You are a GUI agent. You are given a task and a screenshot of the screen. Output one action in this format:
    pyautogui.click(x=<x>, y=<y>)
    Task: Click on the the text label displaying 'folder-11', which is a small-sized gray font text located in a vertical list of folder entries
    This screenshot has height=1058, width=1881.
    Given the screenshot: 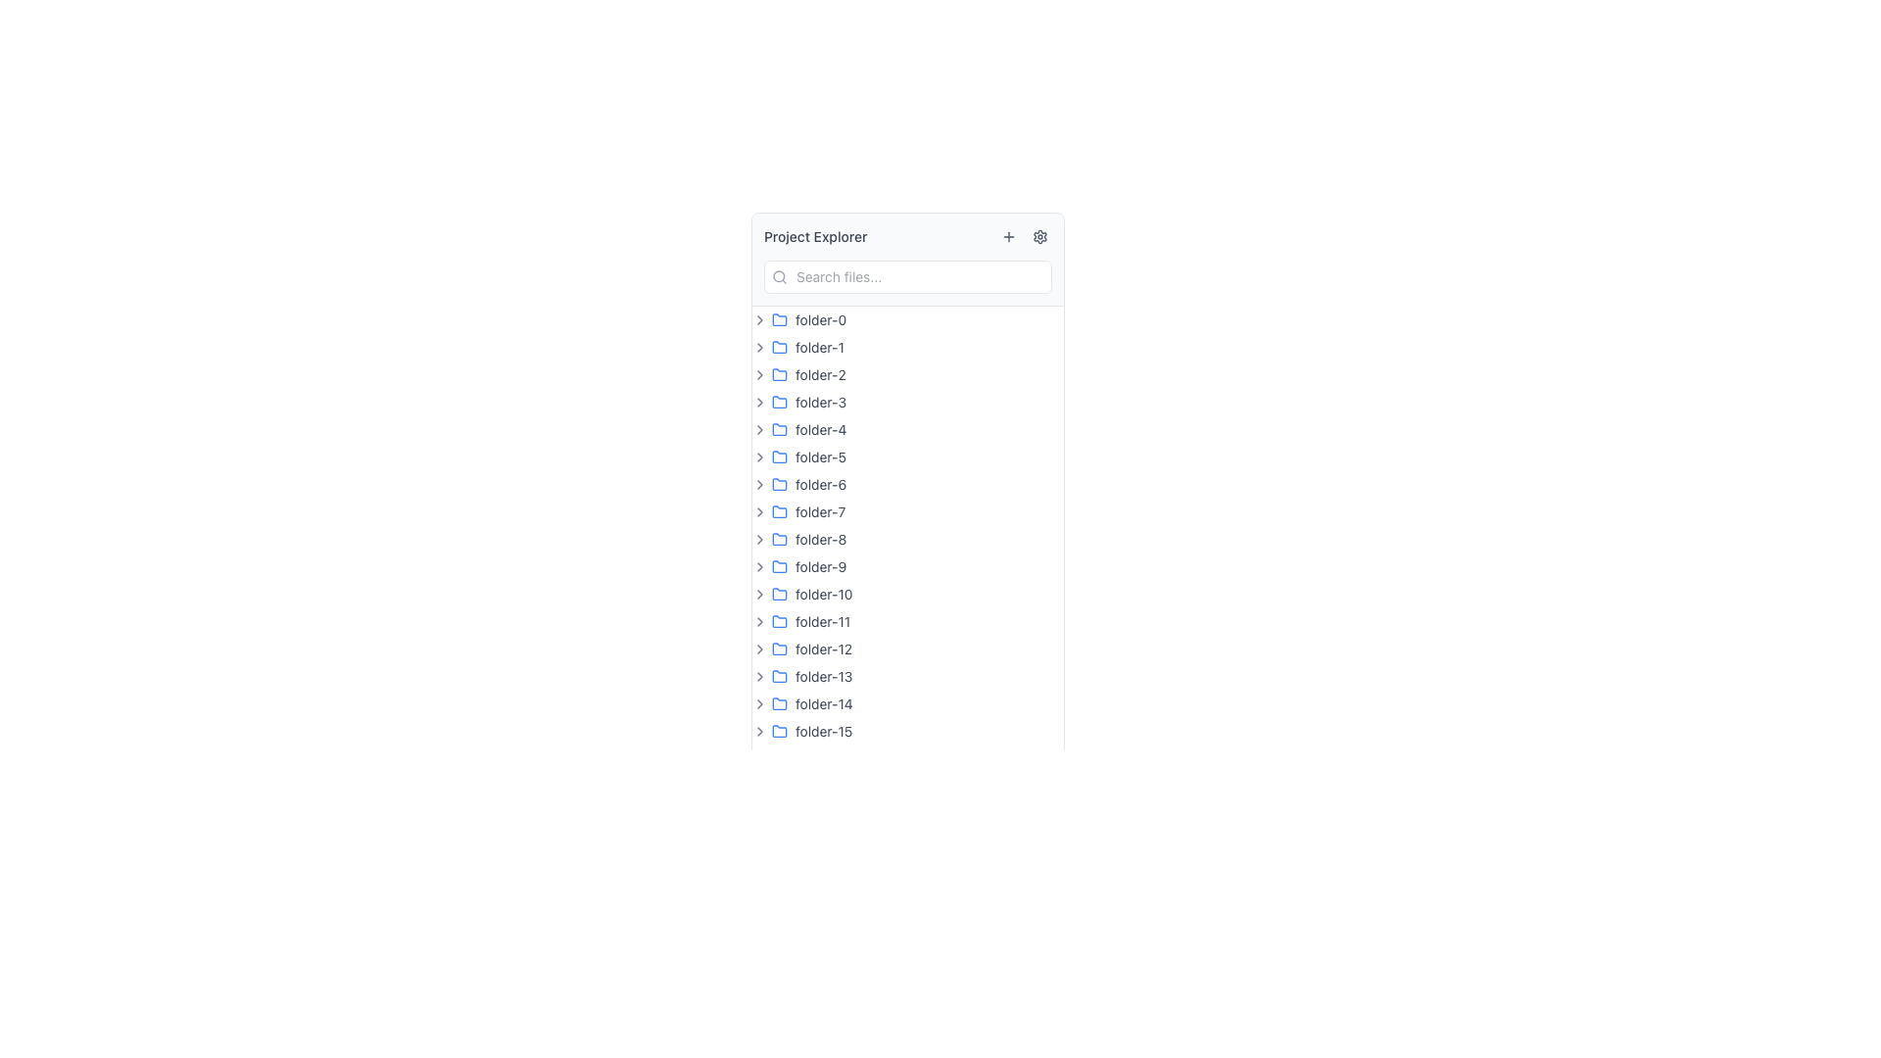 What is the action you would take?
    pyautogui.click(x=823, y=622)
    